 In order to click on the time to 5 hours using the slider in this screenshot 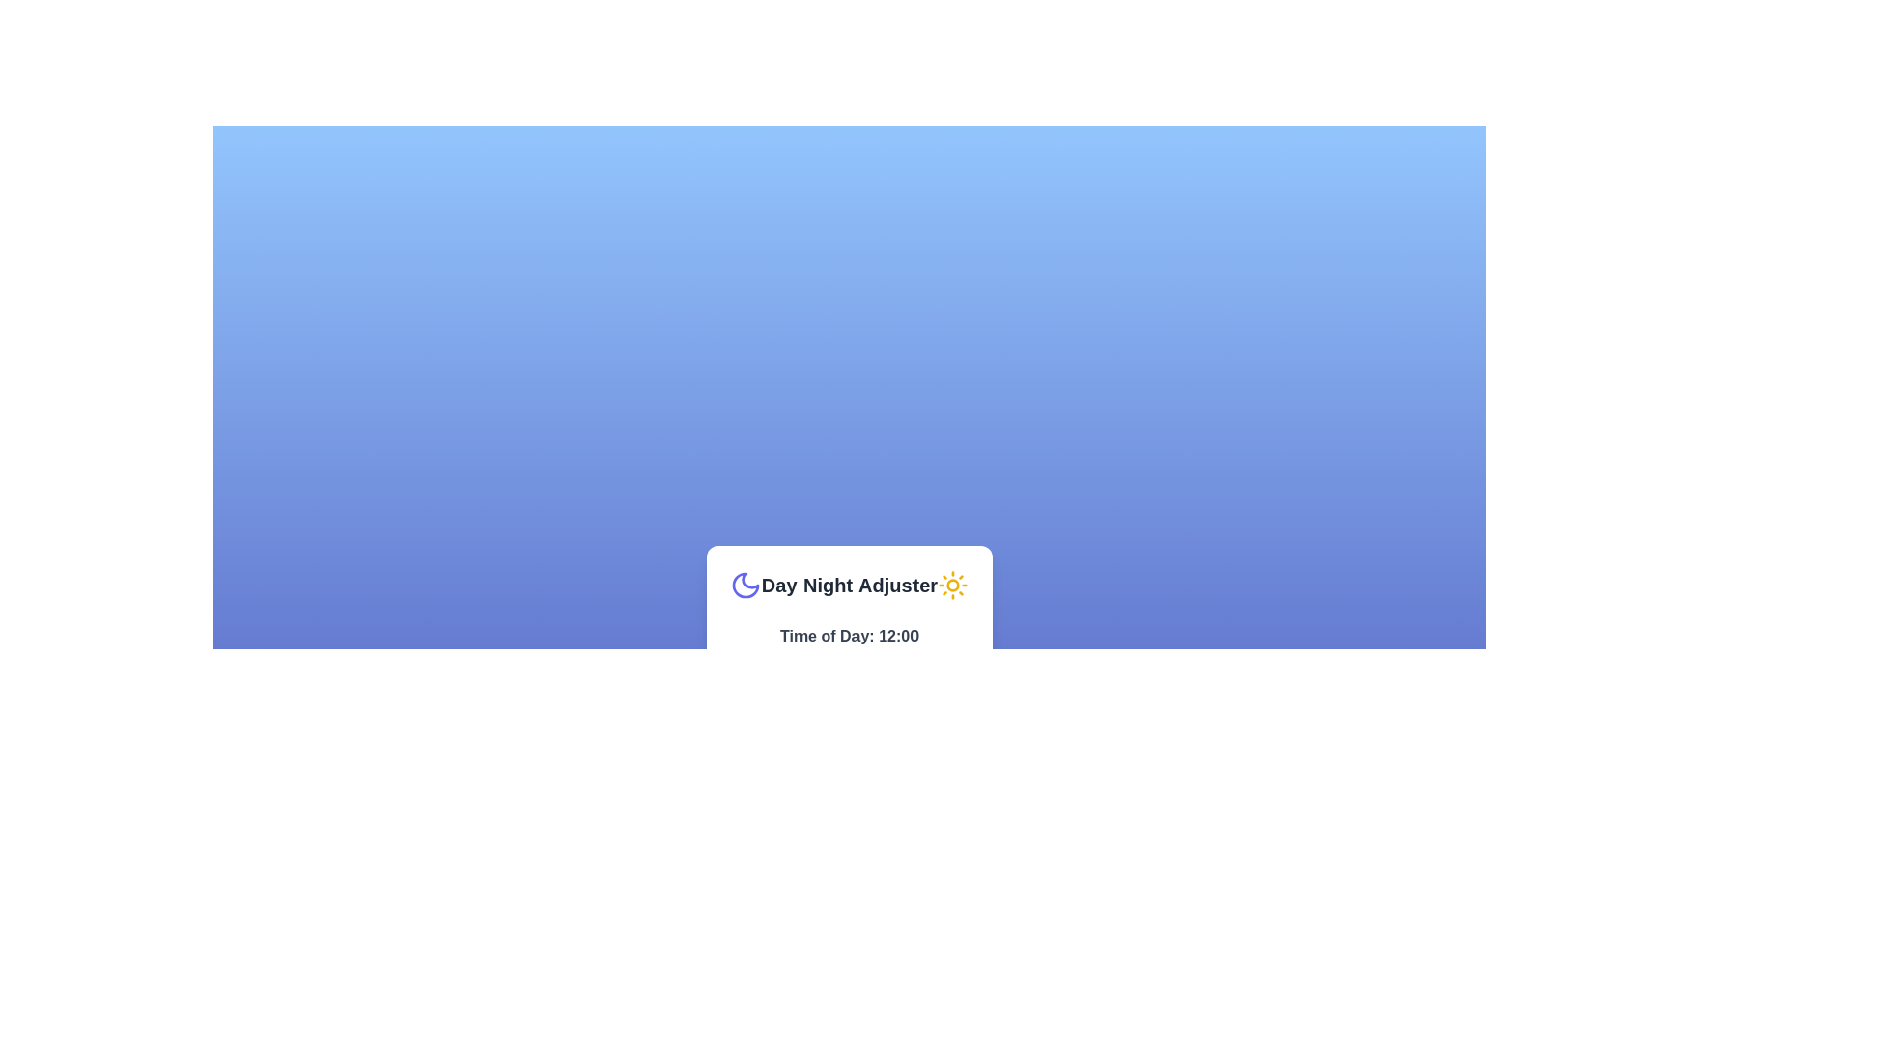, I will do `click(780, 658)`.